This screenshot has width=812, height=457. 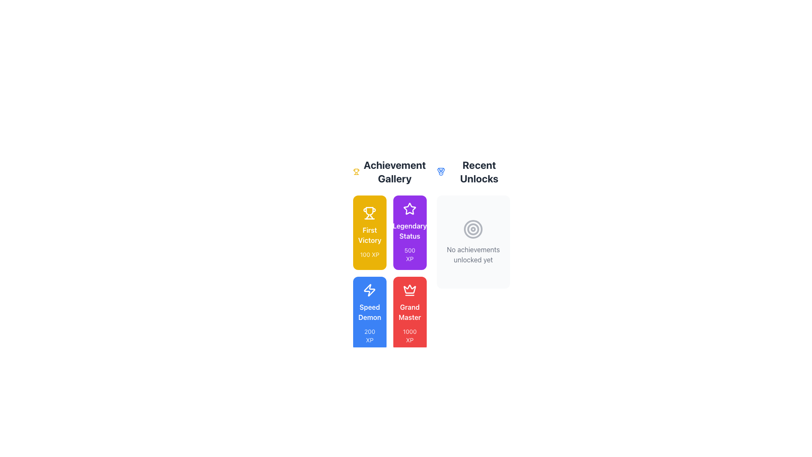 I want to click on an item in the 'Achievement Gallery' section, so click(x=389, y=254).